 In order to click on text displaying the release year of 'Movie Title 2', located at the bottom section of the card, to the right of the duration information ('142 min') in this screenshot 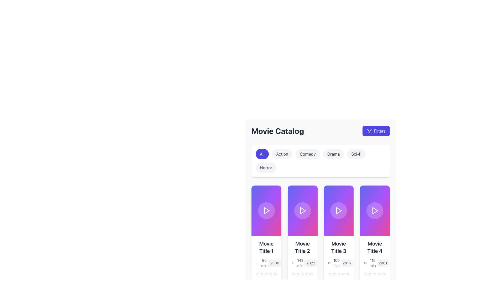, I will do `click(311, 263)`.